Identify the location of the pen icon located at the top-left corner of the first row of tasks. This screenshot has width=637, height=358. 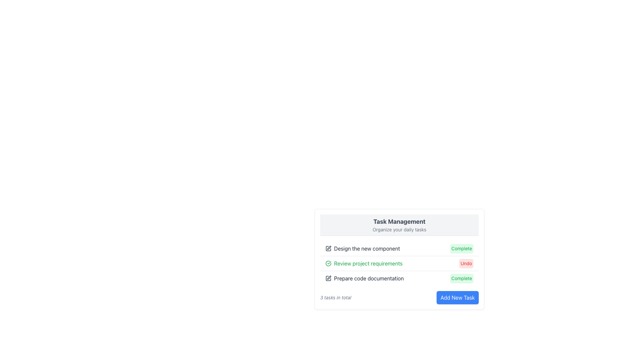
(329, 248).